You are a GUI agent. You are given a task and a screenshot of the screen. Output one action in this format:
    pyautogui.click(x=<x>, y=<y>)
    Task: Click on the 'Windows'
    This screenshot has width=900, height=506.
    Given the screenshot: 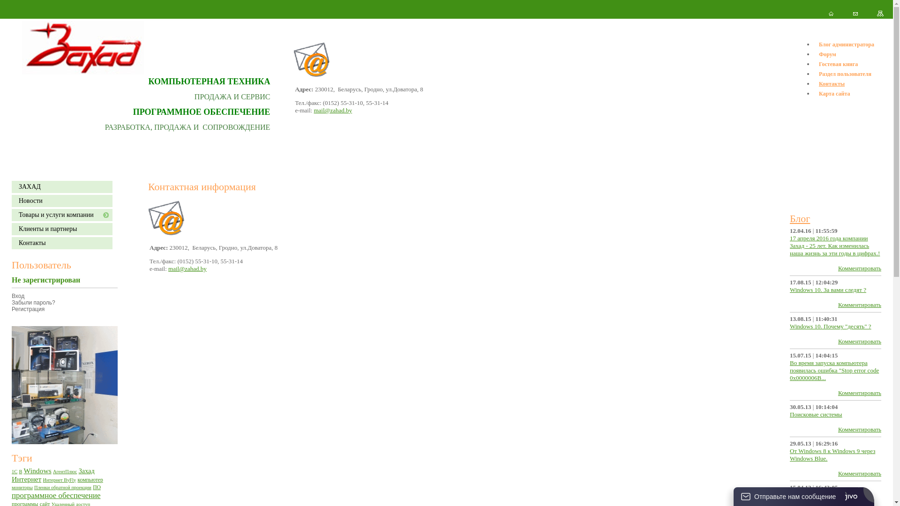 What is the action you would take?
    pyautogui.click(x=37, y=470)
    